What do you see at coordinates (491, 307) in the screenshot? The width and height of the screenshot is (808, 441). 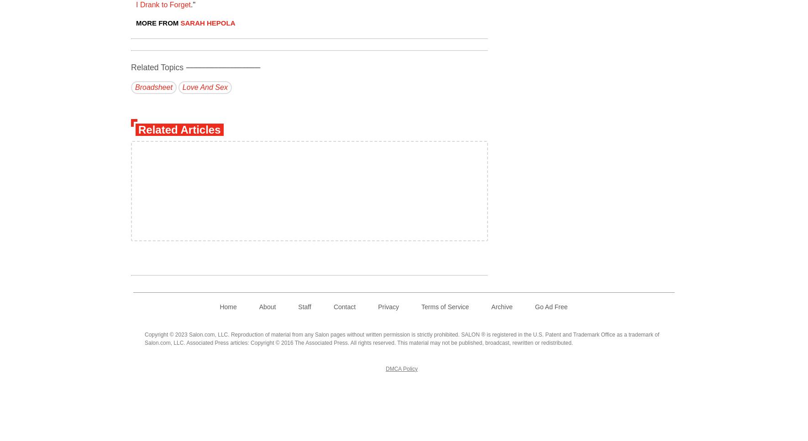 I see `'Archive'` at bounding box center [491, 307].